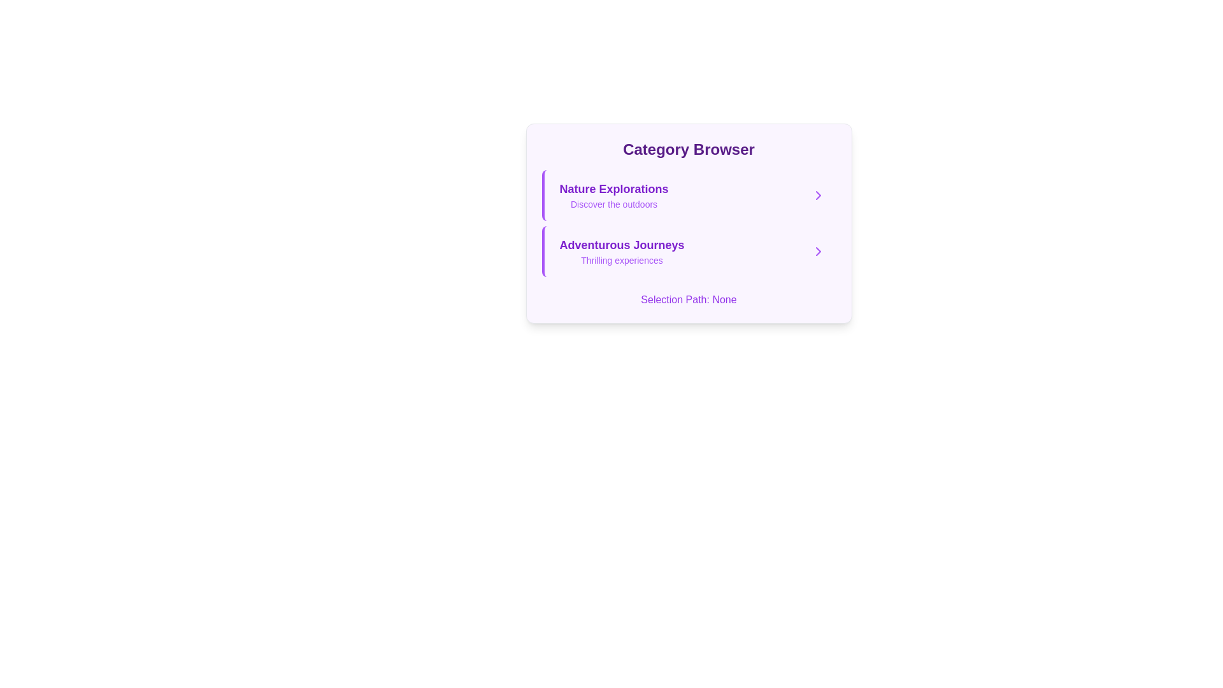 The image size is (1223, 688). Describe the element at coordinates (622, 251) in the screenshot. I see `the text label titled 'Adventurous Journeys' with the subtitle 'Thrilling experiences', which is the second entry in the 'Category Browser' section` at that location.